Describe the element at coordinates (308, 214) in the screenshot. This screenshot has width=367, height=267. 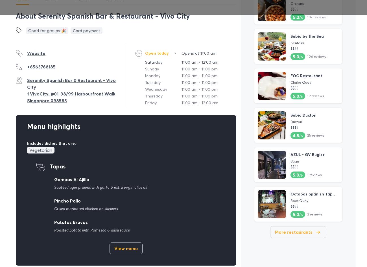
I see `'2'` at that location.